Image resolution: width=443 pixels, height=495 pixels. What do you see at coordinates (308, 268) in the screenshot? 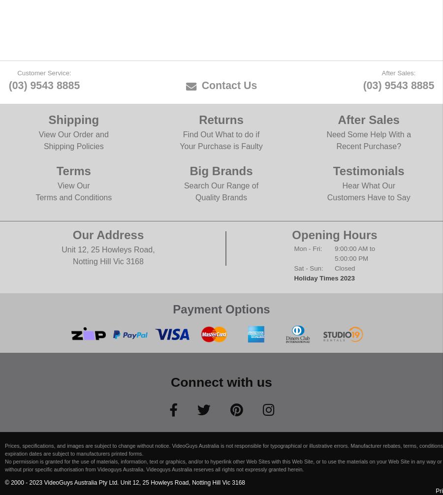
I see `'Sat - Sun:'` at bounding box center [308, 268].